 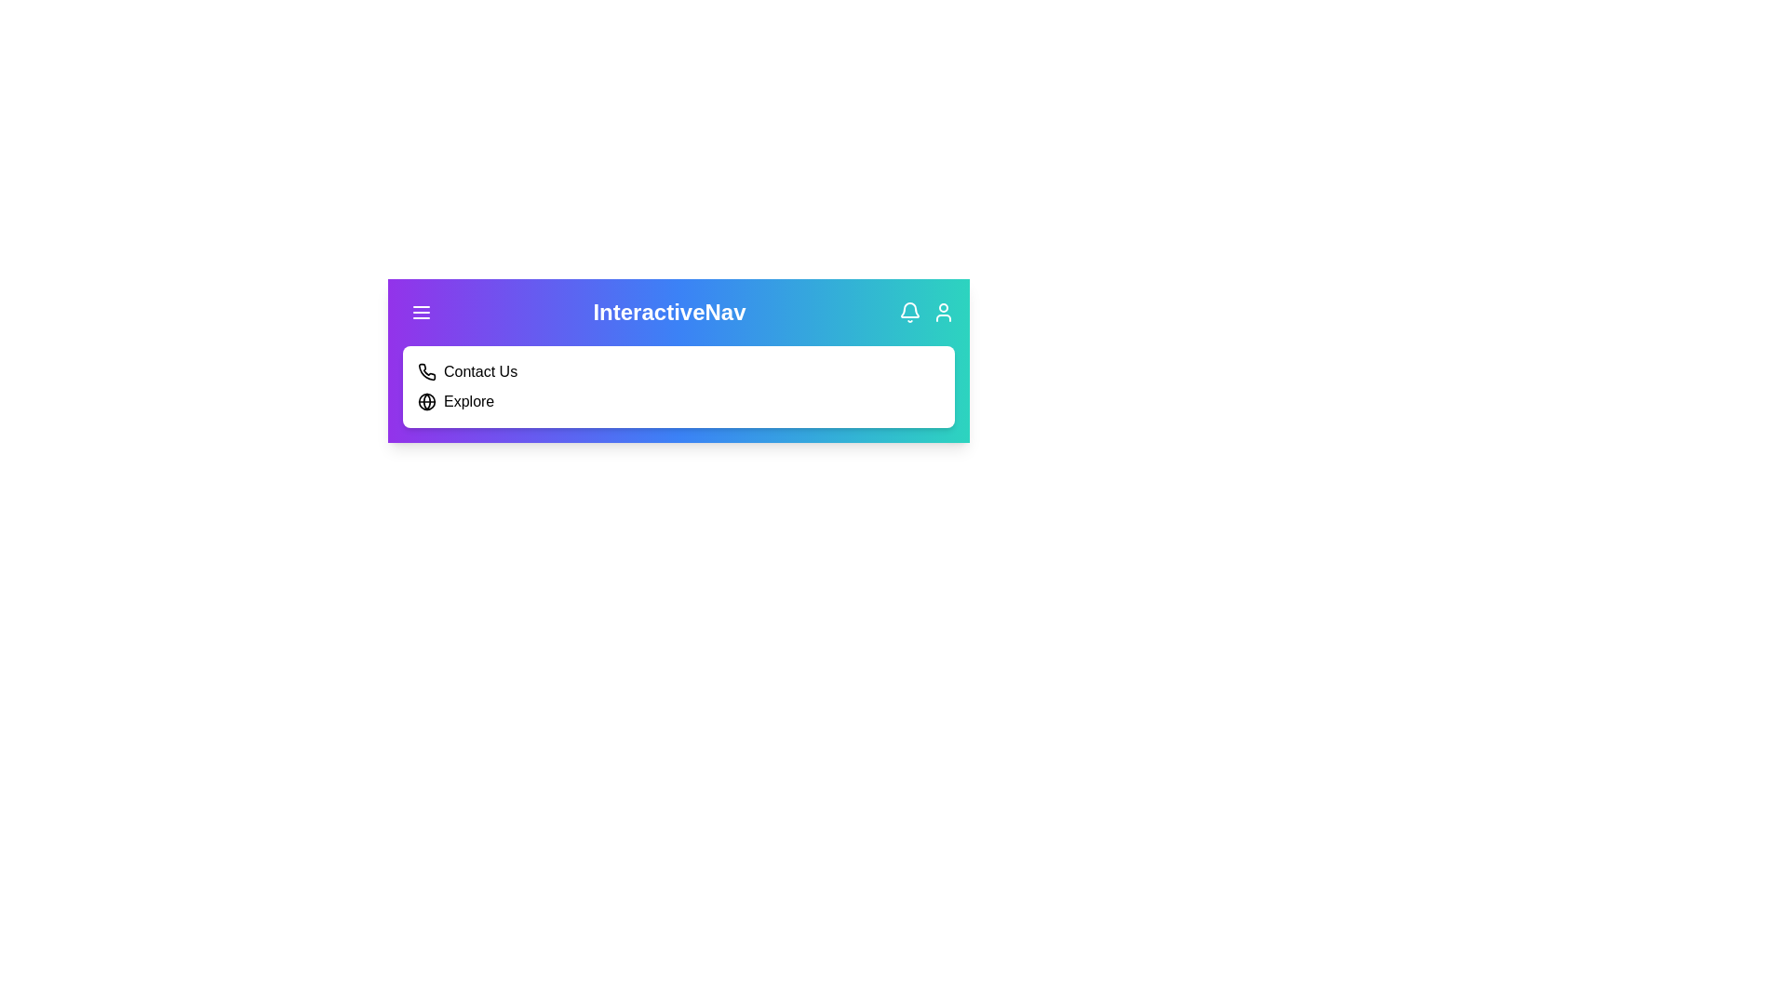 What do you see at coordinates (910, 311) in the screenshot?
I see `the notification icon` at bounding box center [910, 311].